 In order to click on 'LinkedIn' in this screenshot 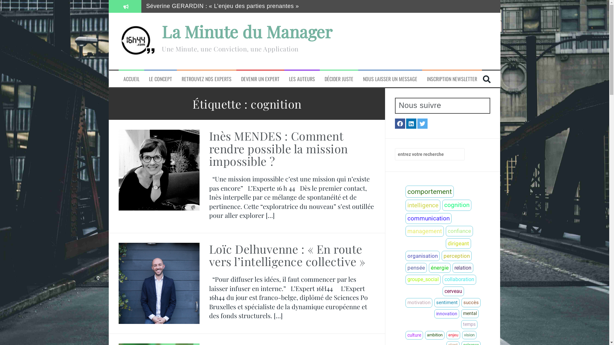, I will do `click(411, 123)`.